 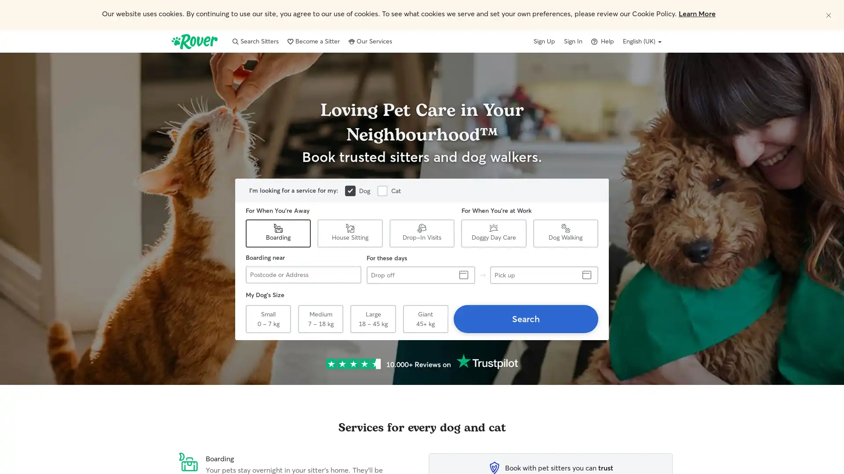 What do you see at coordinates (828, 15) in the screenshot?
I see `Close alert` at bounding box center [828, 15].